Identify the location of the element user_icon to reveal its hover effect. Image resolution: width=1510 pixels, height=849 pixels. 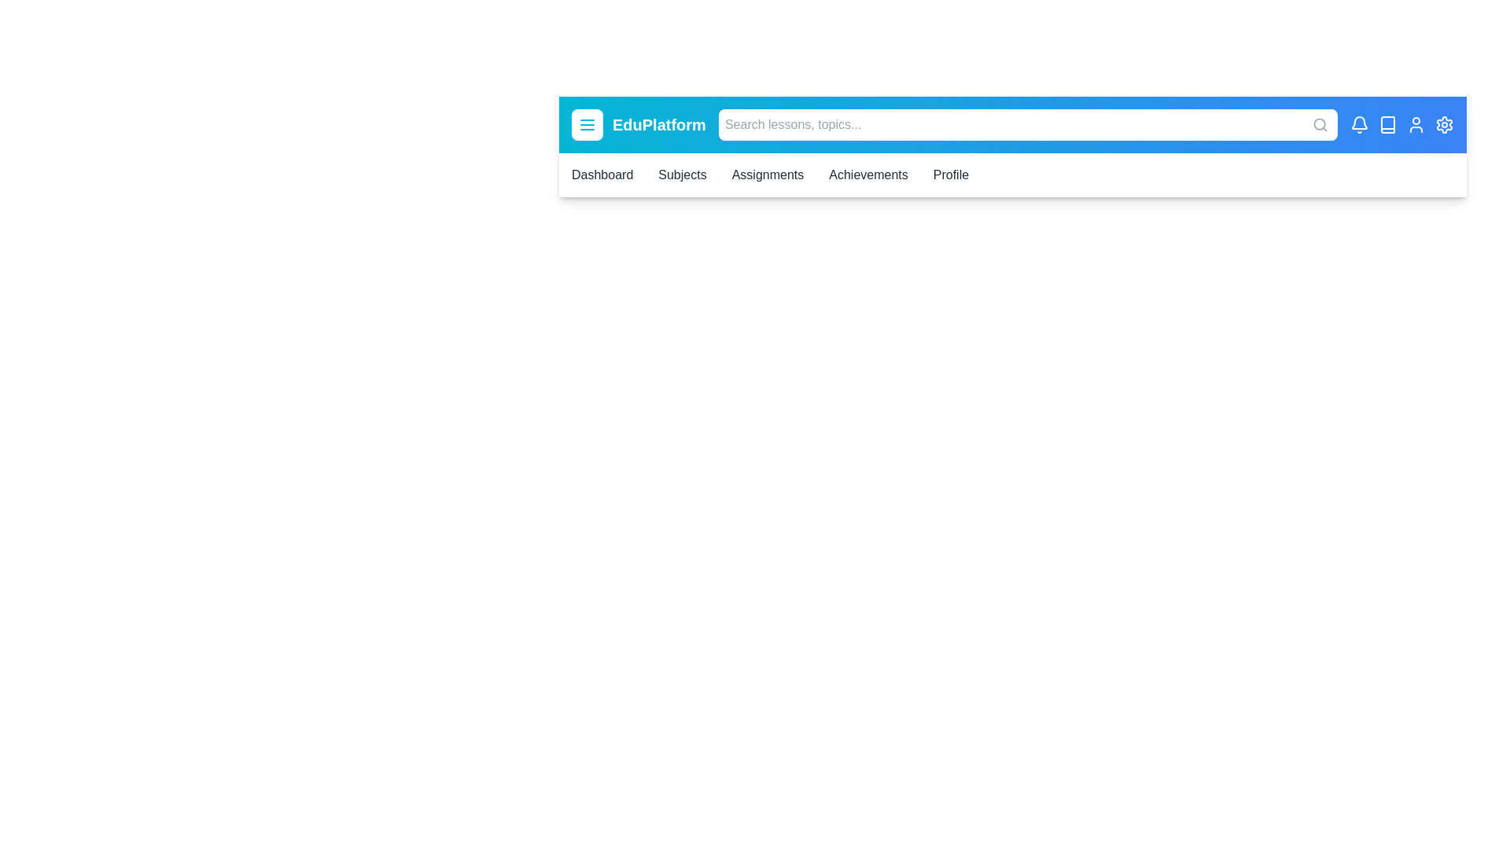
(1416, 123).